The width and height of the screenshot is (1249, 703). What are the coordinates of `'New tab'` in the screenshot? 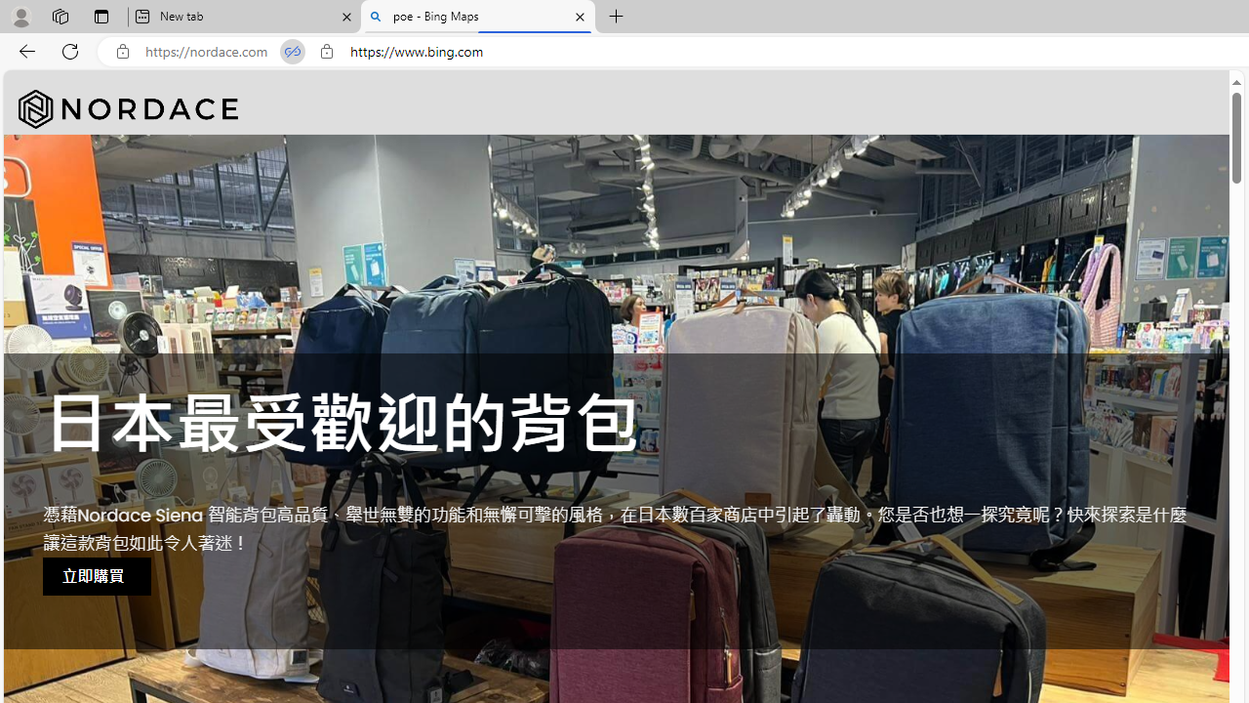 It's located at (243, 17).